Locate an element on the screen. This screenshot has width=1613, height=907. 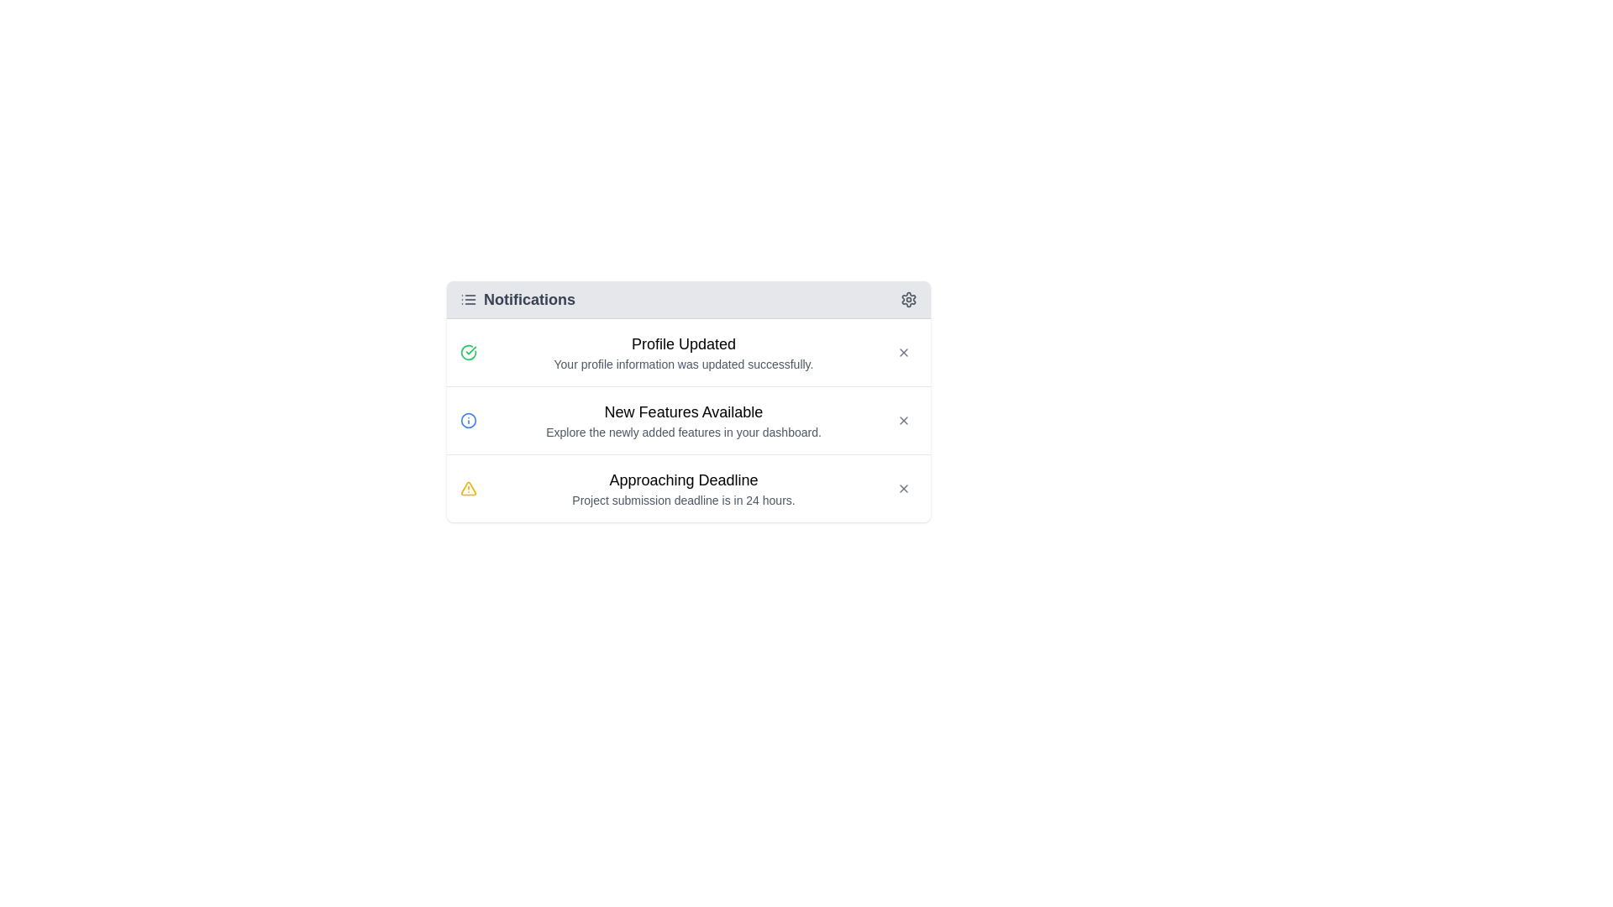
the icon located at the leftmost side of the 'New Features Available' notification card, near the top edge, adjacent to the notification title text is located at coordinates (468, 420).